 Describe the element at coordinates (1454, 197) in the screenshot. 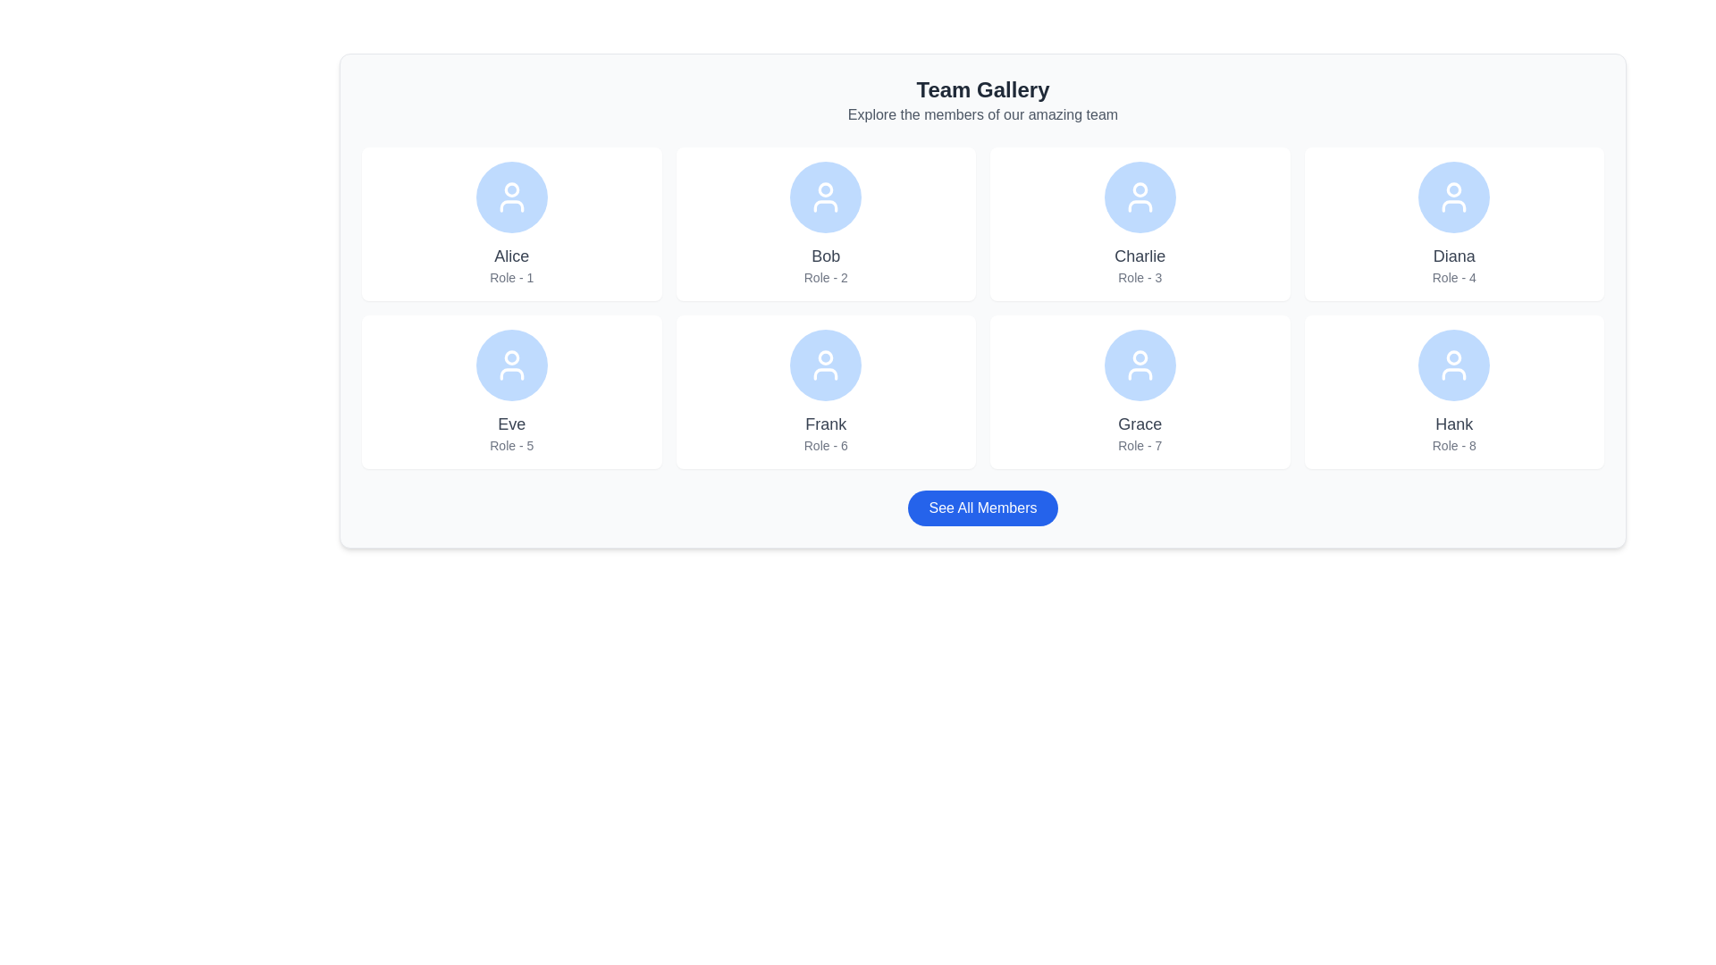

I see `the user profile avatar icon located at the center of the card labeled 'Diana \n Role - 4' in the top right corner of the grid layout` at that location.